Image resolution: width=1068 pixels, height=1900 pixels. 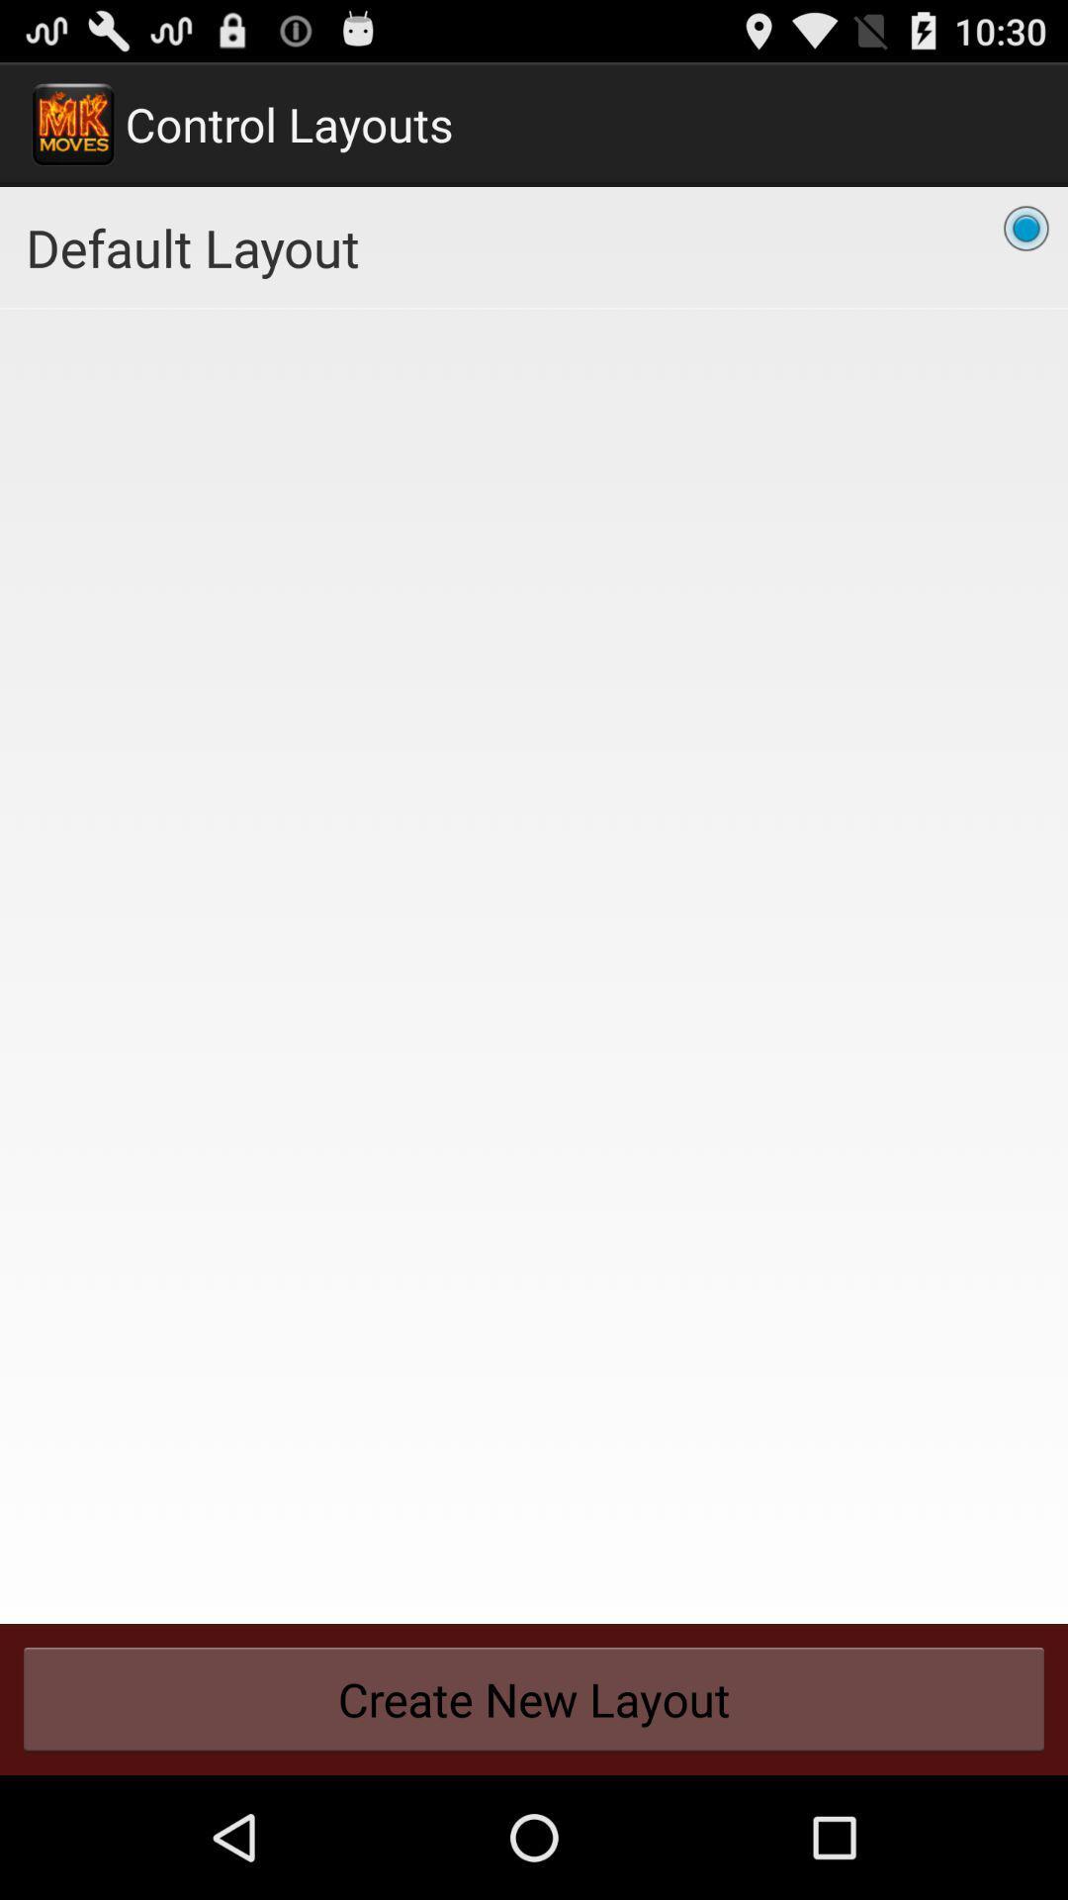 What do you see at coordinates (1024, 228) in the screenshot?
I see `item at the top right corner` at bounding box center [1024, 228].